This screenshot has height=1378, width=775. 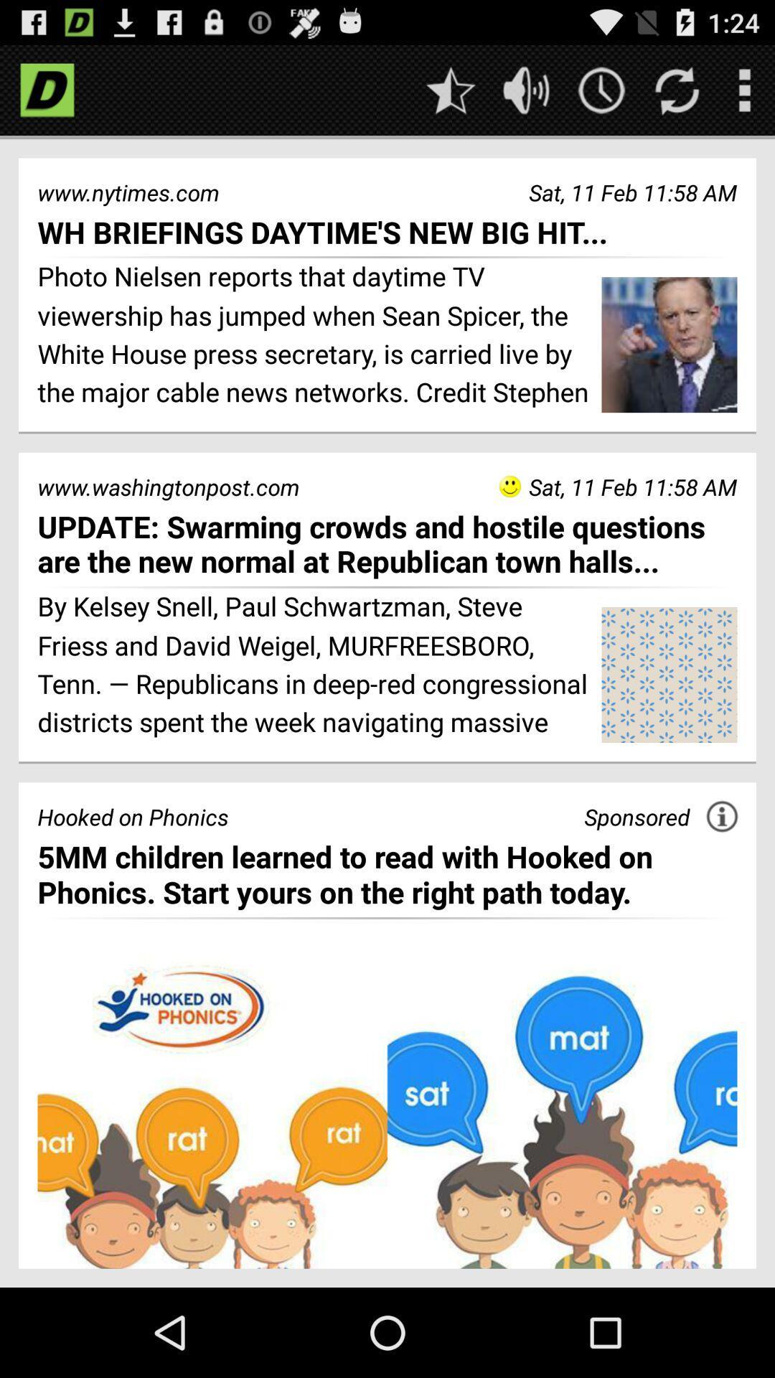 What do you see at coordinates (601, 89) in the screenshot?
I see `get the time` at bounding box center [601, 89].